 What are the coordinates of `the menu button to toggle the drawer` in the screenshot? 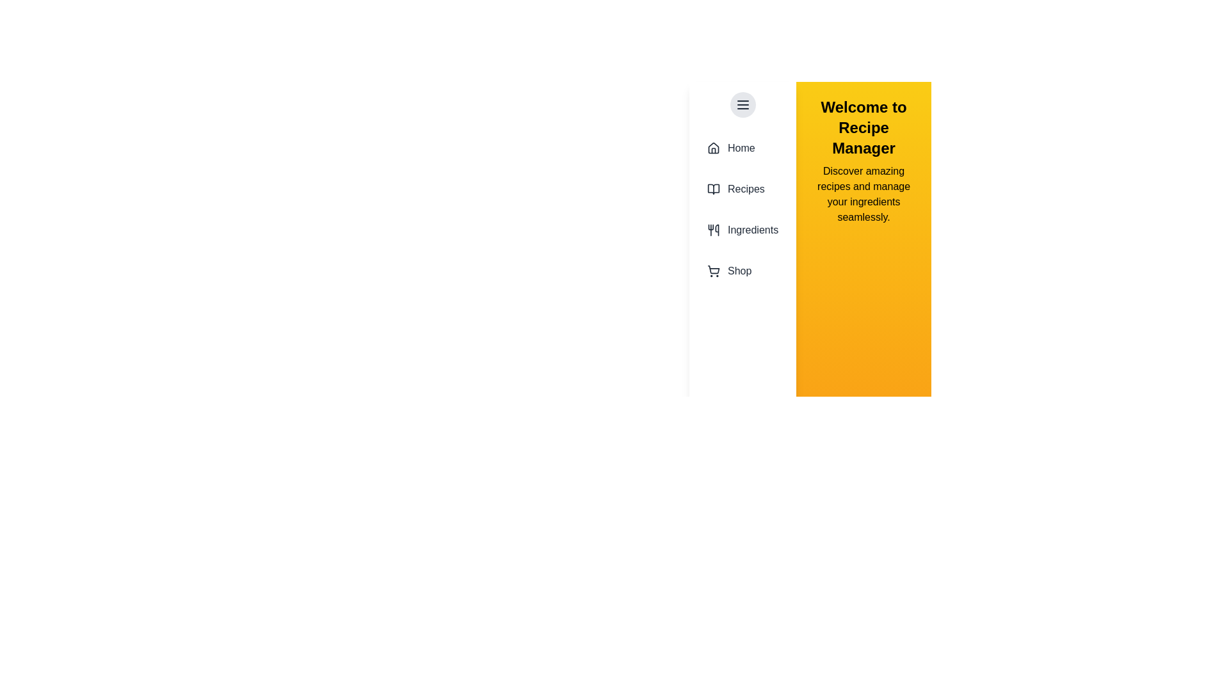 It's located at (743, 104).